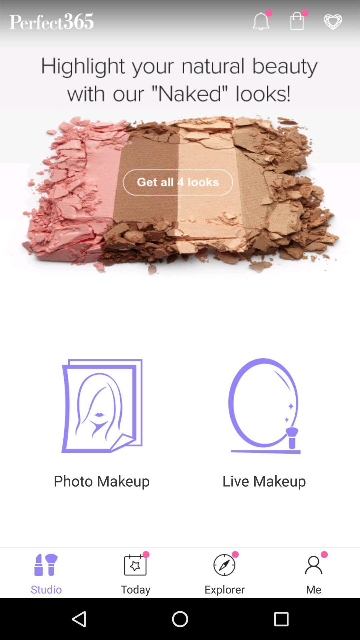 Image resolution: width=360 pixels, height=640 pixels. I want to click on photo makeup, so click(101, 406).